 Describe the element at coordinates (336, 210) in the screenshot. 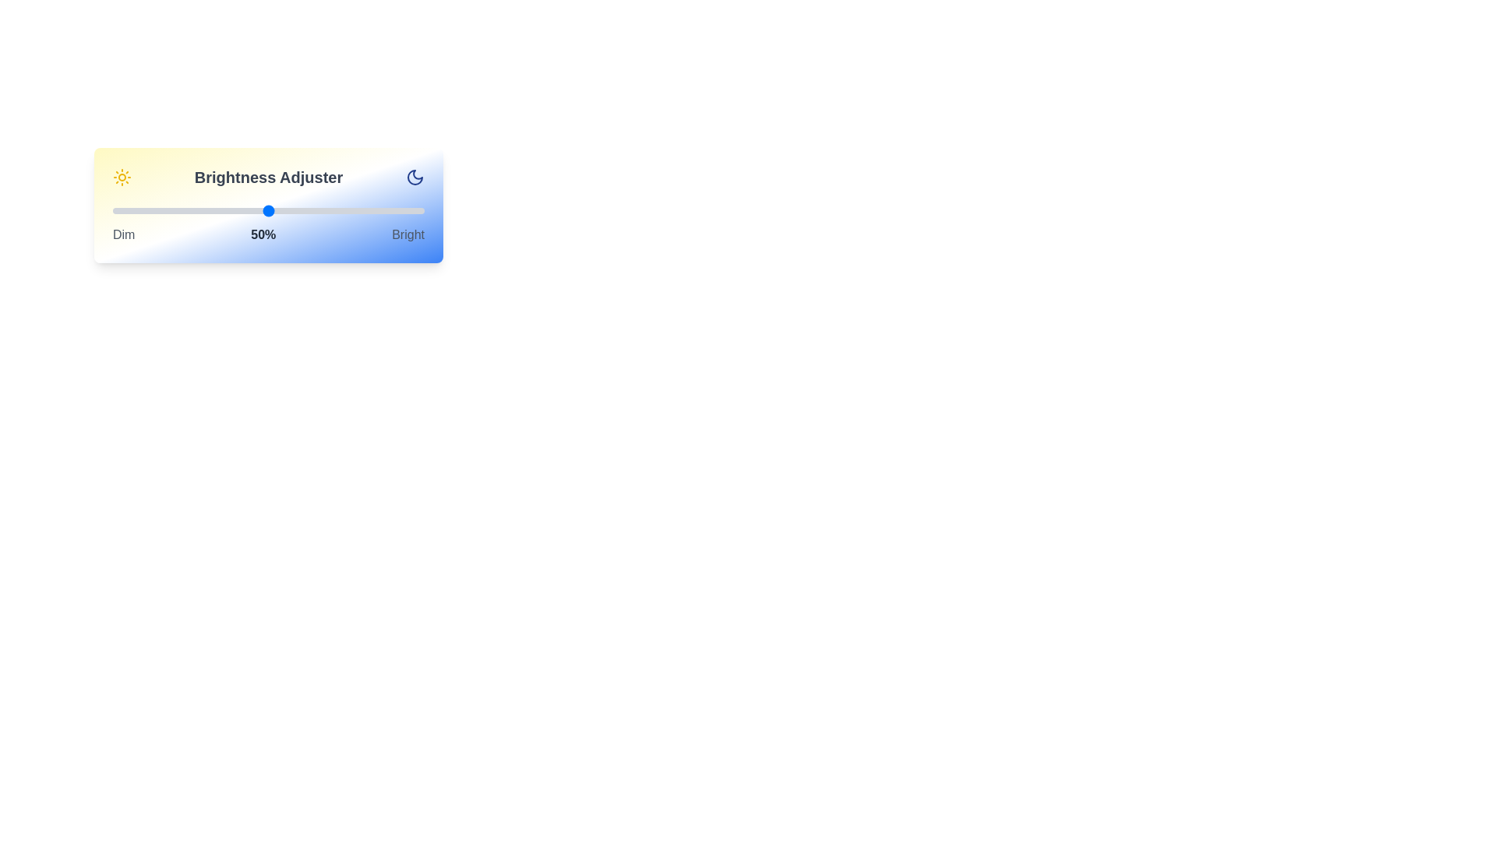

I see `the brightness slider to 72% to observe the gradient background changes` at that location.